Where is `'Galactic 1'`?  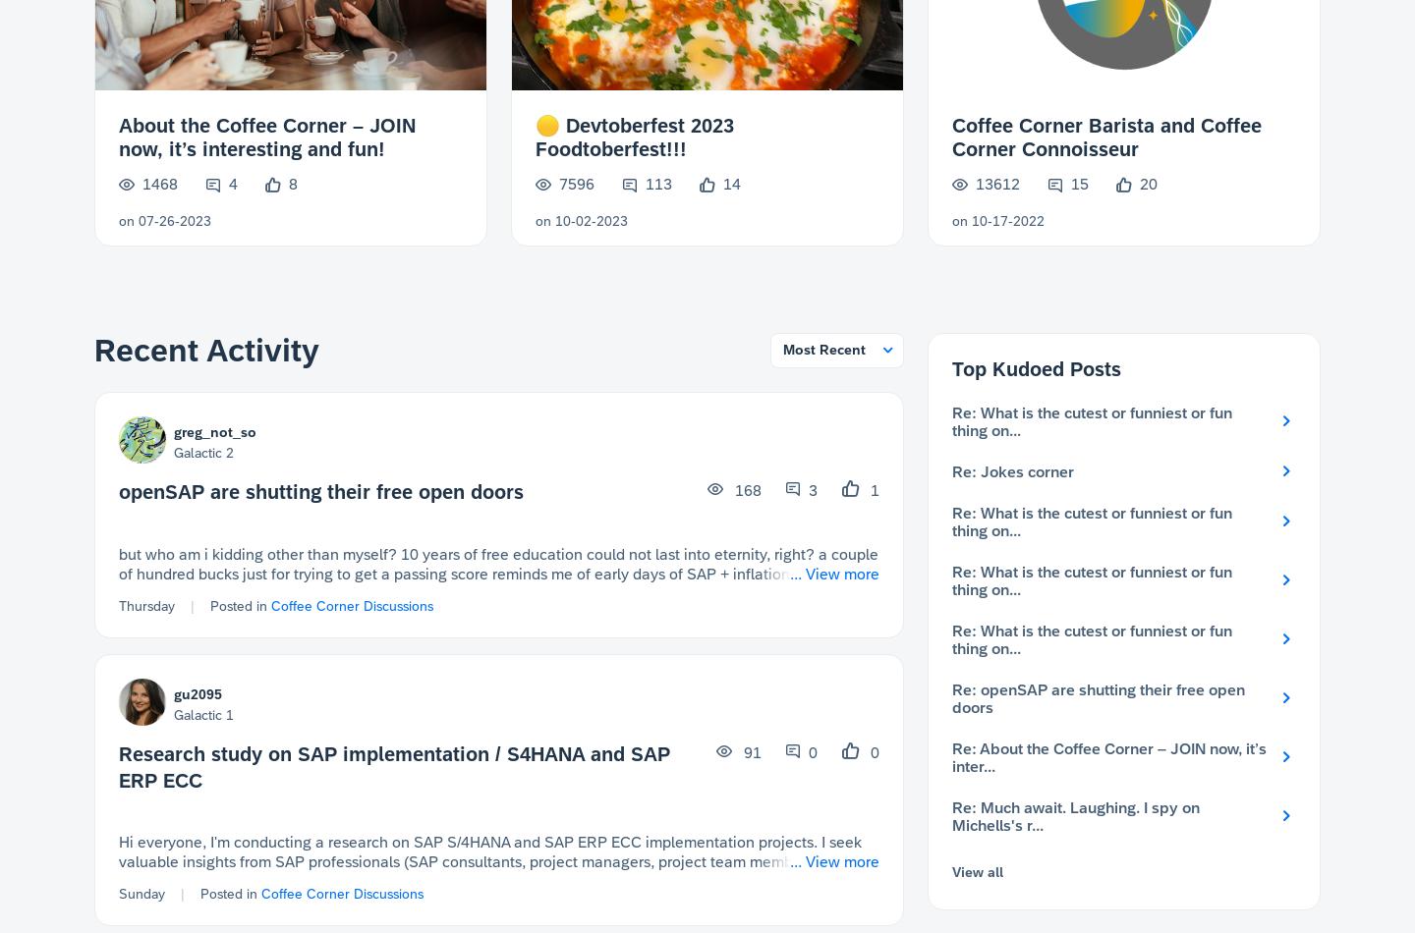
'Galactic 1' is located at coordinates (203, 713).